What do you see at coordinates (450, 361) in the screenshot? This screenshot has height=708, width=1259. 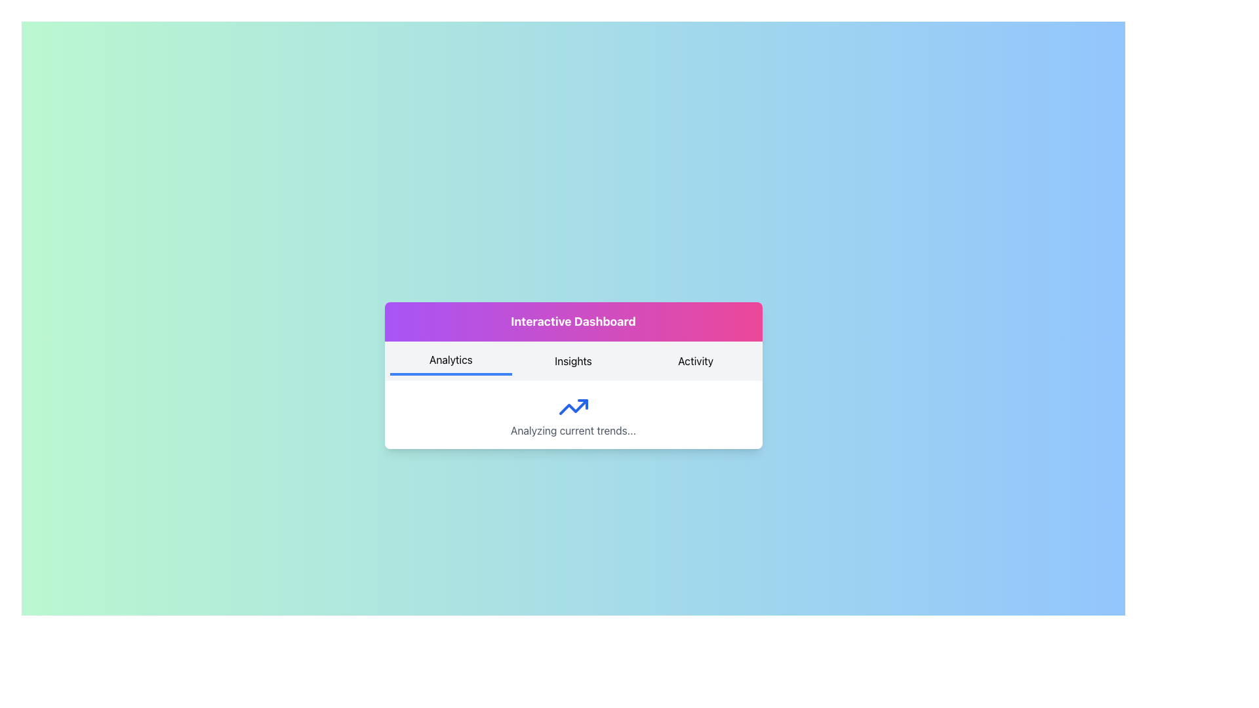 I see `the leftmost tab in the navigation bar labeled 'Analytics'` at bounding box center [450, 361].